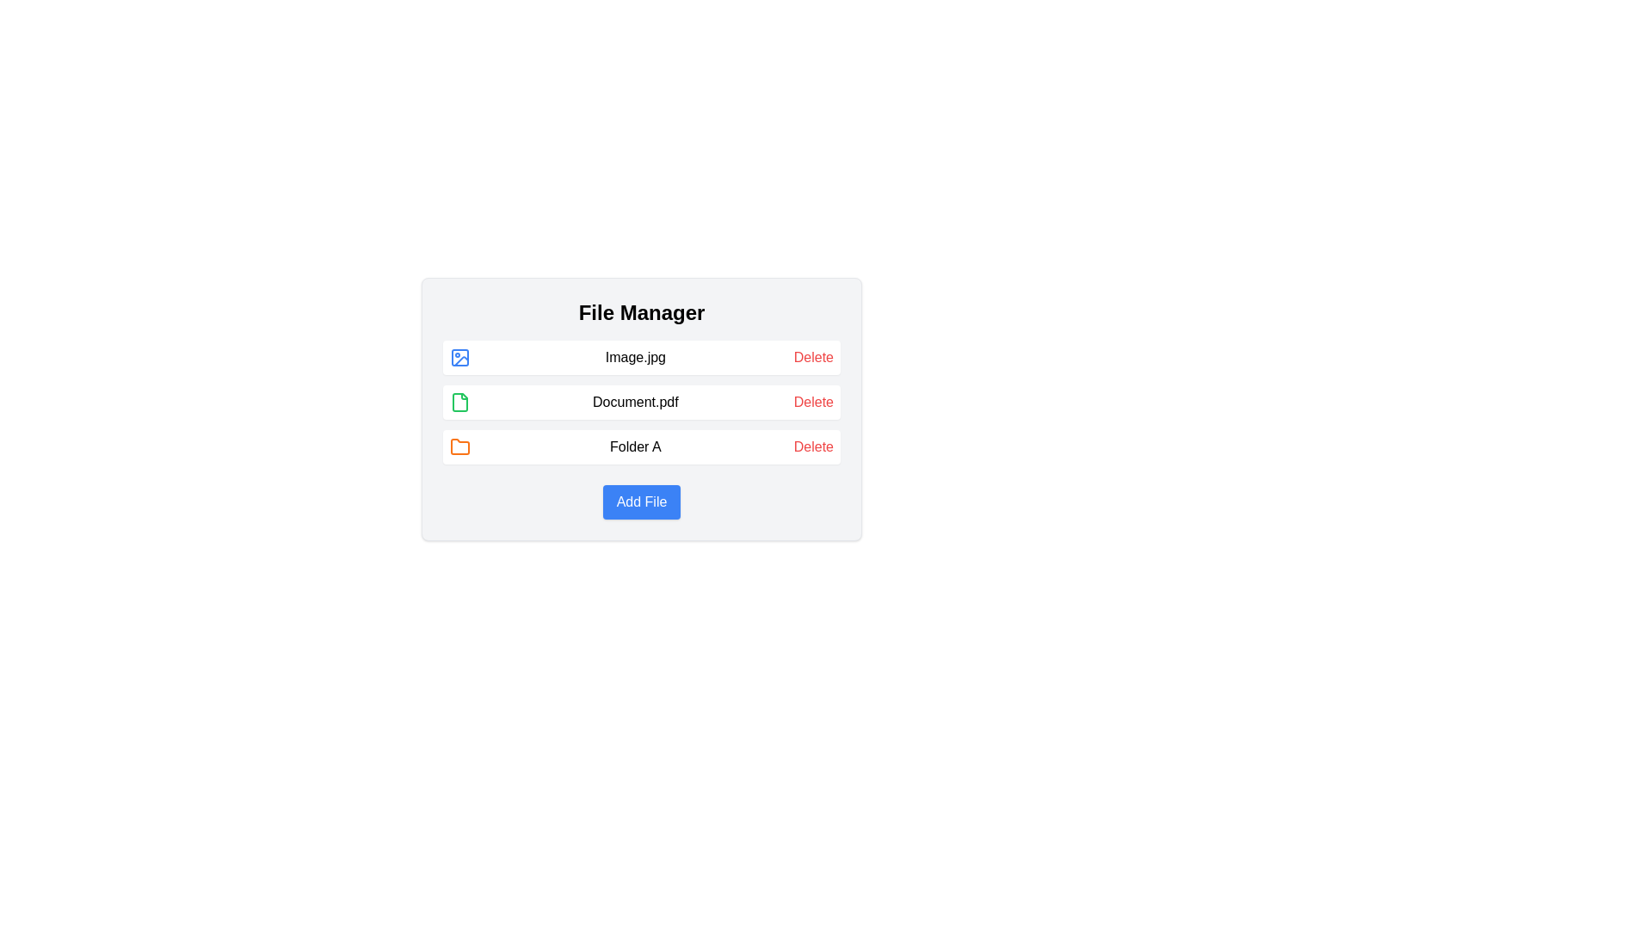 This screenshot has height=929, width=1652. Describe the element at coordinates (459, 446) in the screenshot. I see `the folder icon located in the 'Folder A' row of the file manager interface, which visually represents the folder type` at that location.